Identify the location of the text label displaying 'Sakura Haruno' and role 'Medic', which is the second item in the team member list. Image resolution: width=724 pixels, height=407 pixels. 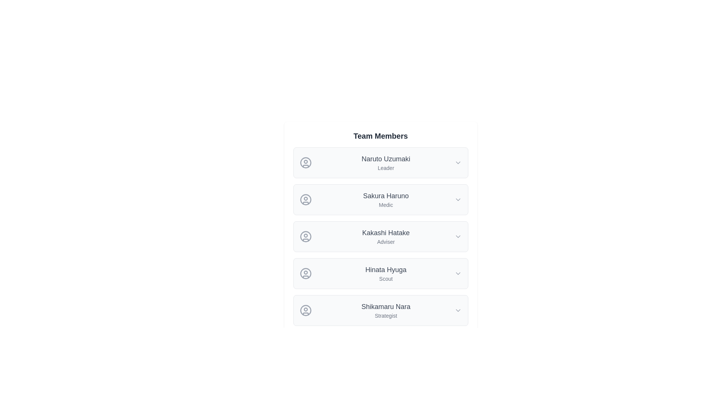
(386, 199).